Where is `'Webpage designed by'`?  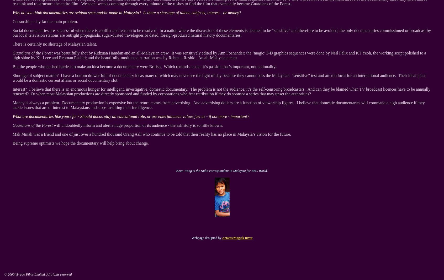
'Webpage designed by' is located at coordinates (207, 237).